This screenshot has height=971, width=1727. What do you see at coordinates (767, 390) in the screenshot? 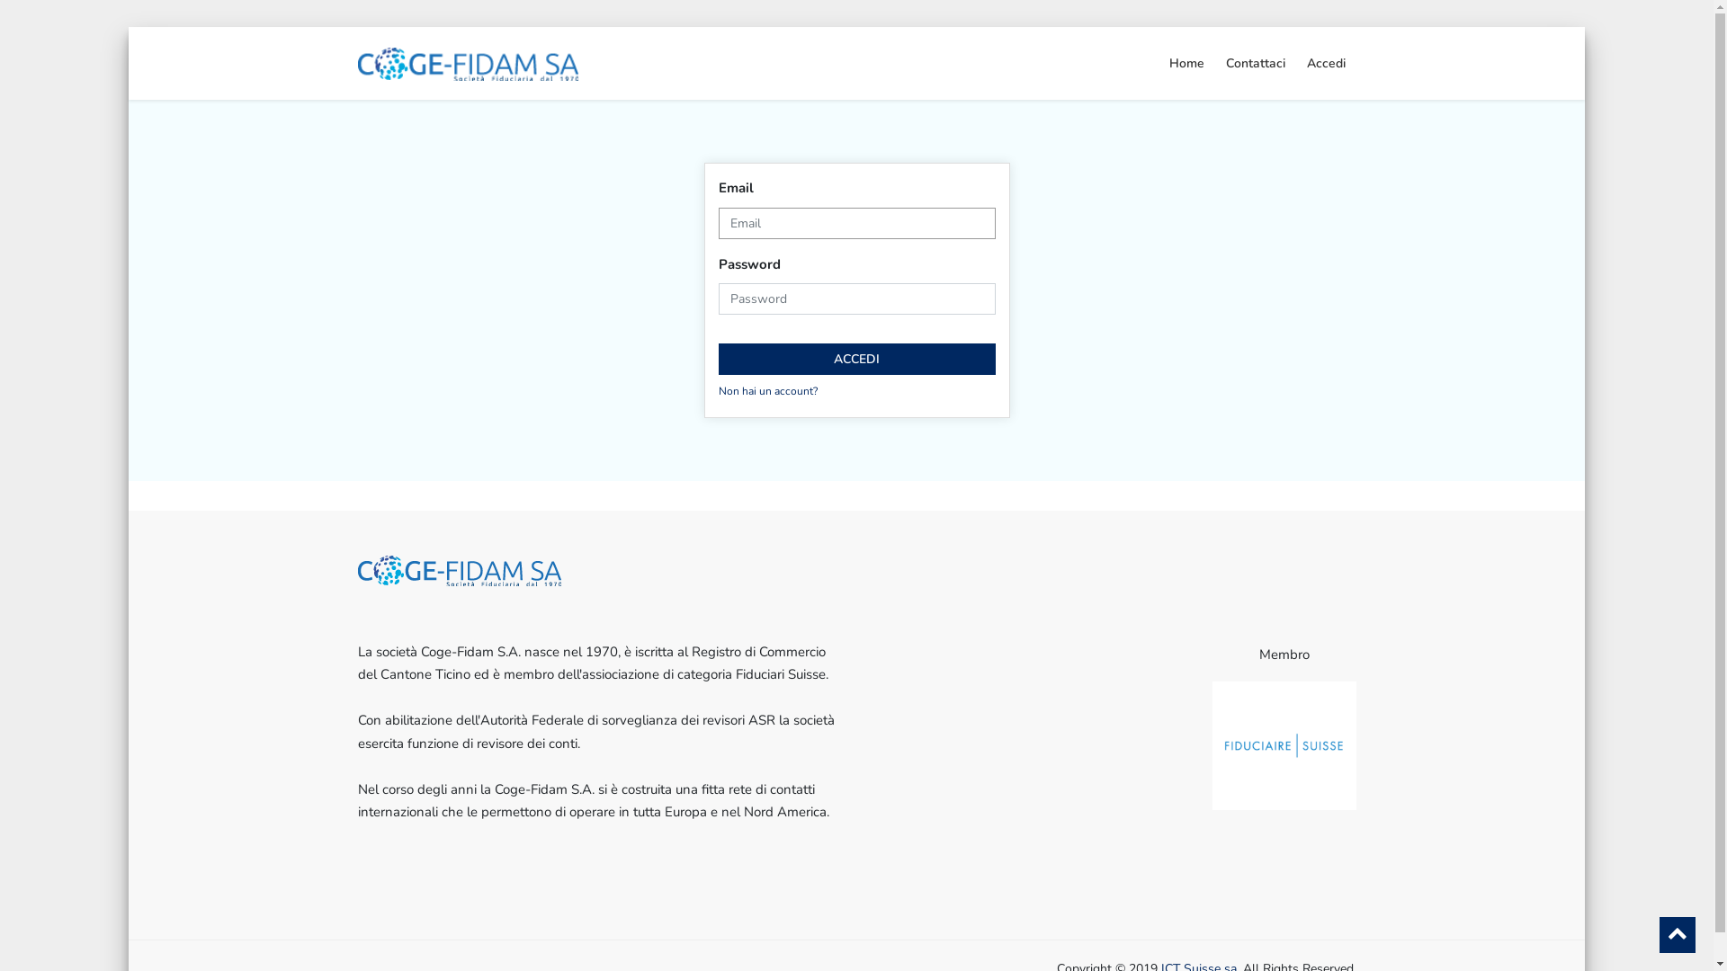
I see `'Non hai un account?'` at bounding box center [767, 390].